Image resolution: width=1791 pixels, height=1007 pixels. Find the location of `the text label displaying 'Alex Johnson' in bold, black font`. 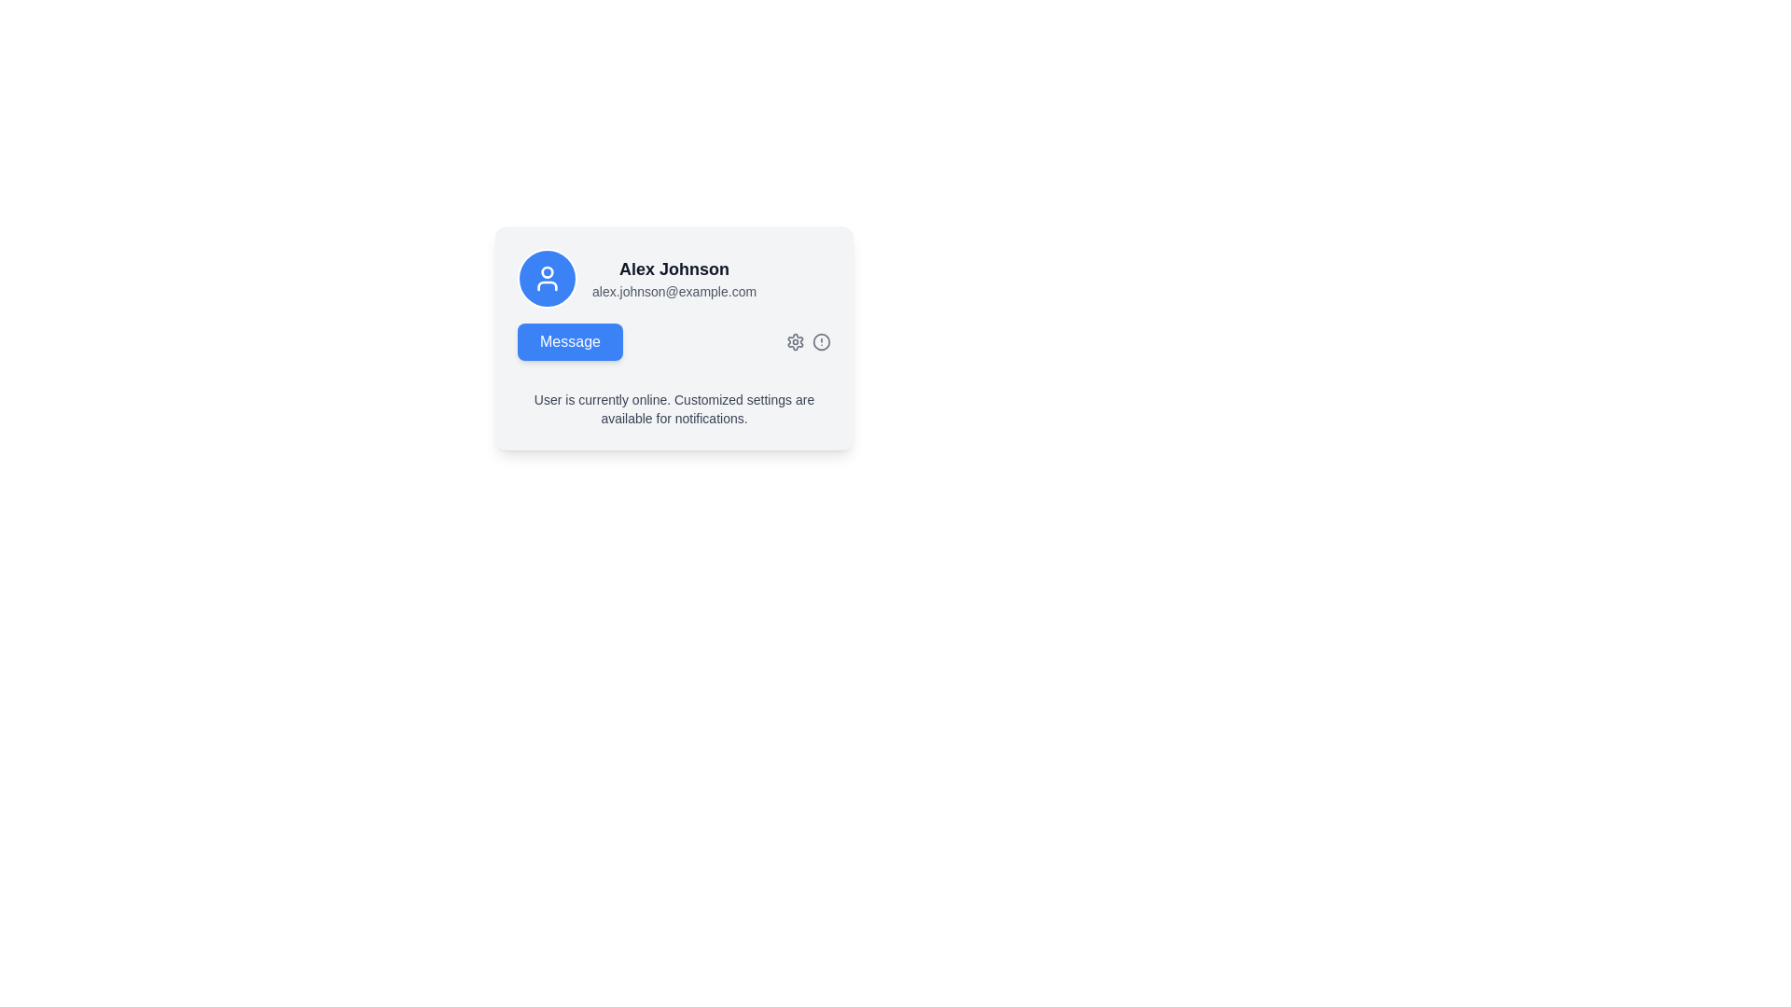

the text label displaying 'Alex Johnson' in bold, black font is located at coordinates (673, 269).